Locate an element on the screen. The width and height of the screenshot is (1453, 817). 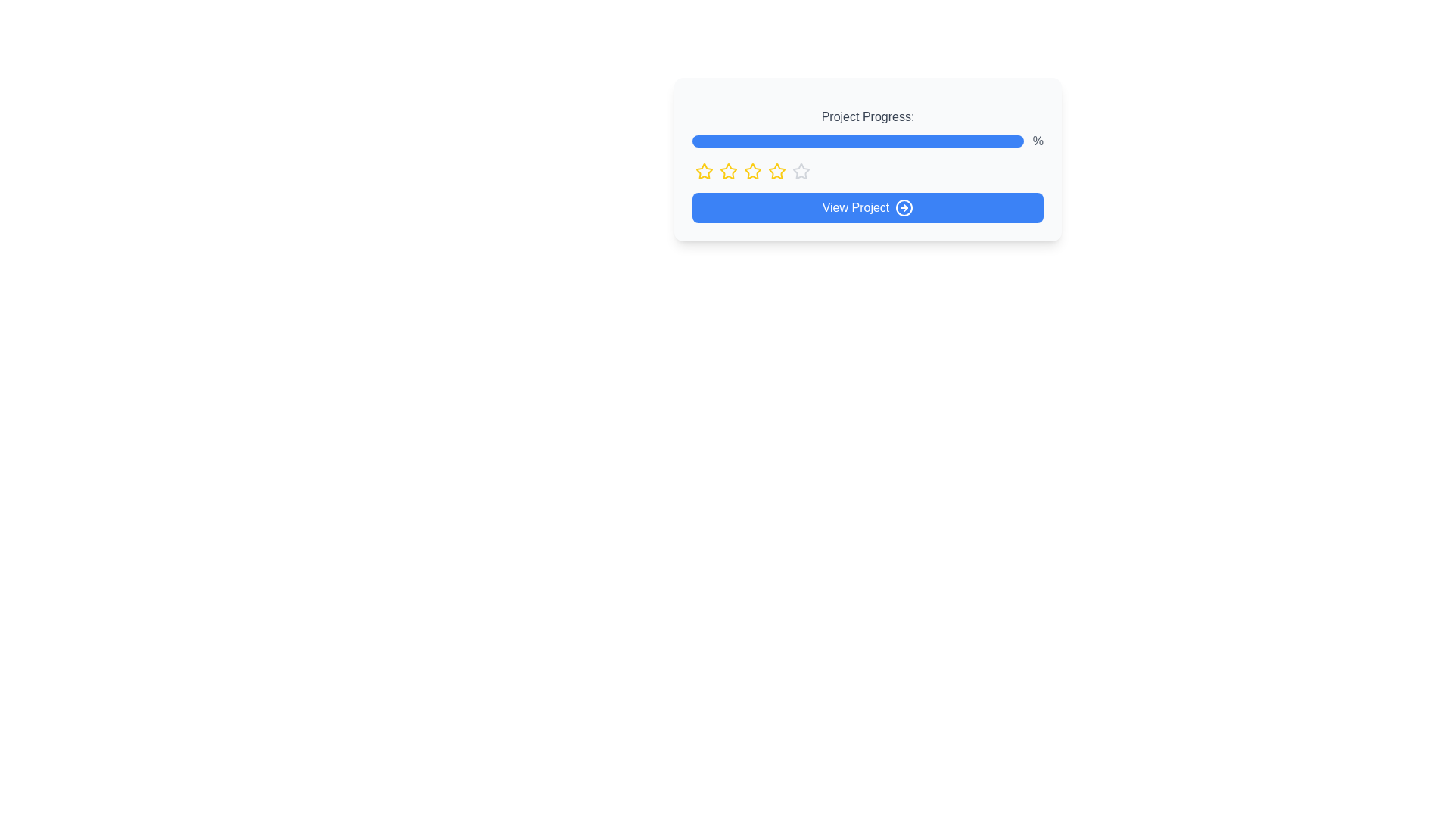
the third star icon in the rating system, which has a yellow outline and white fill is located at coordinates (777, 170).